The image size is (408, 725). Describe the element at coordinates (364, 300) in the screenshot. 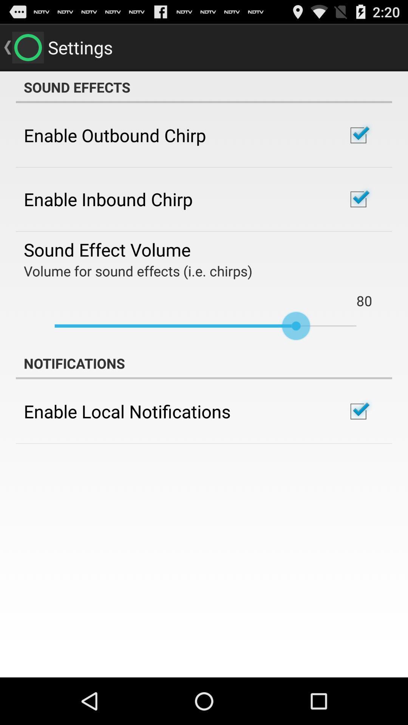

I see `the 80 item` at that location.